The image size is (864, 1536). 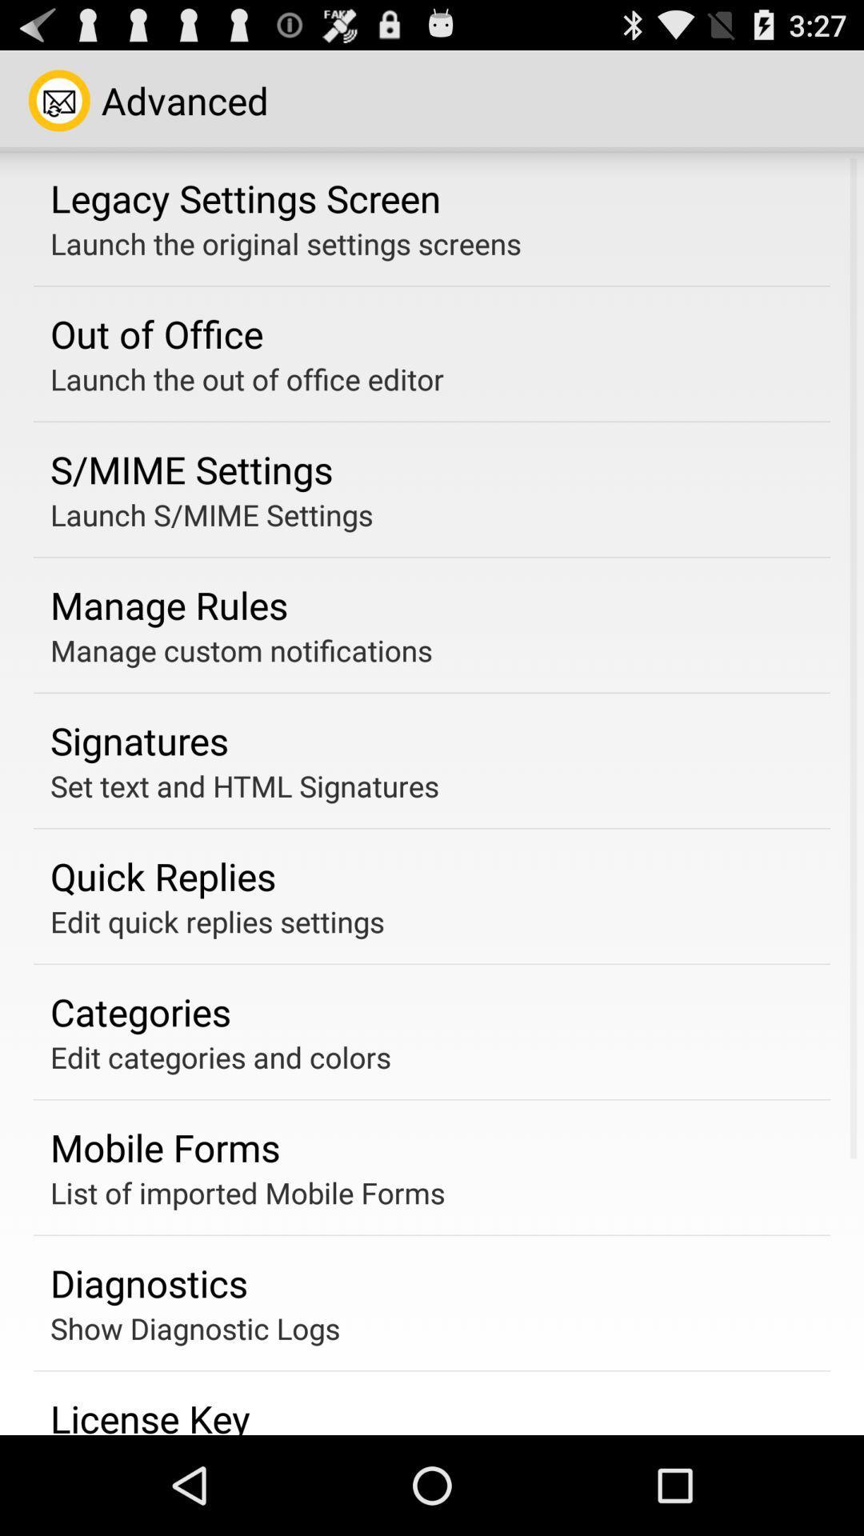 What do you see at coordinates (247, 1193) in the screenshot?
I see `app above diagnostics item` at bounding box center [247, 1193].